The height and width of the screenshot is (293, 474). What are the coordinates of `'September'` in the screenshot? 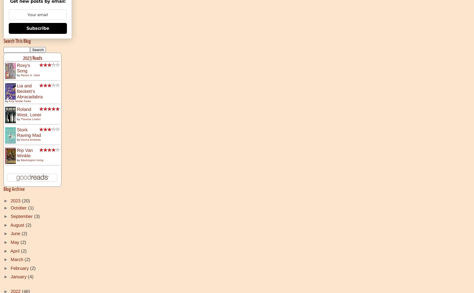 It's located at (22, 216).